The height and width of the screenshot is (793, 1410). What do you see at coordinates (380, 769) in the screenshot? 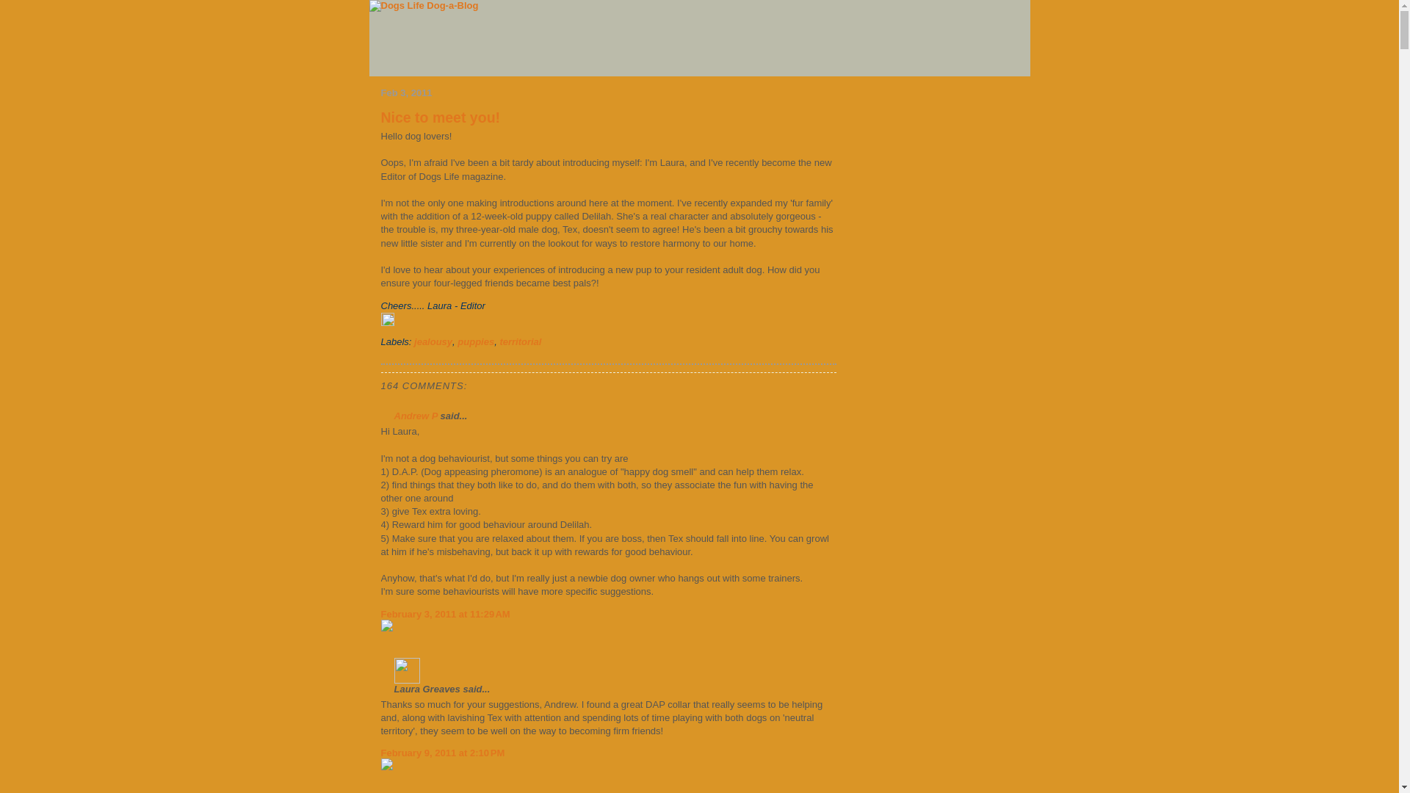
I see `'Delete Comment'` at bounding box center [380, 769].